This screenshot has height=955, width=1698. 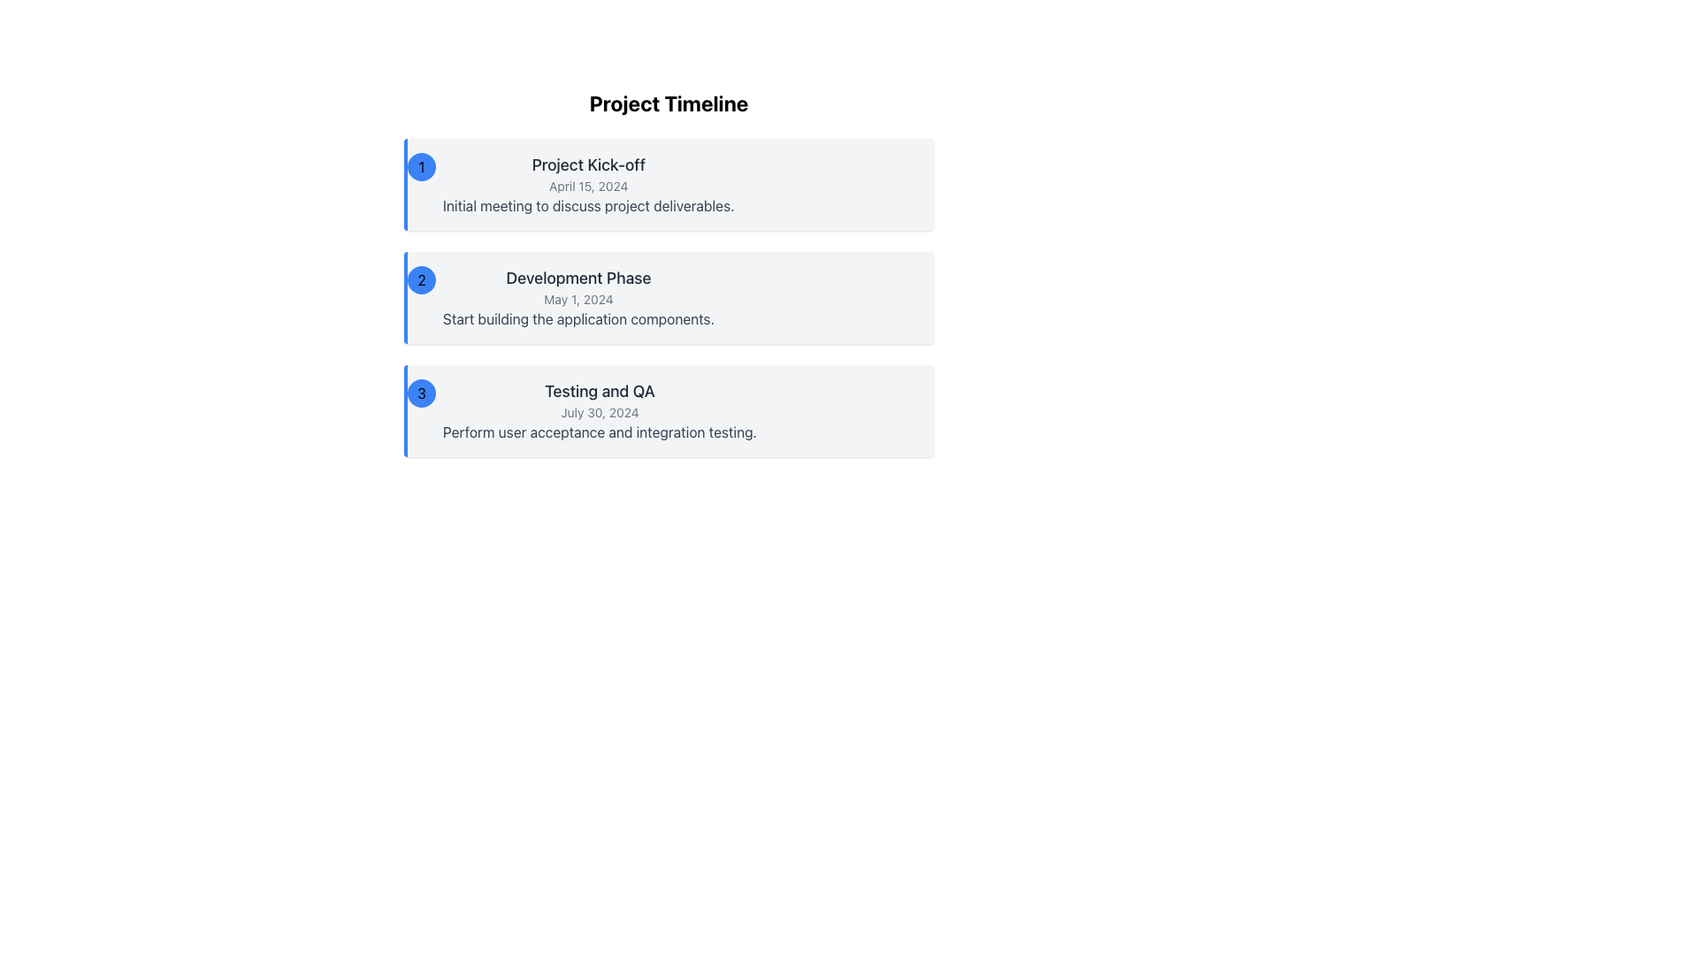 I want to click on the Text label that provides additional details for the 'Testing and QA' timeline entry, which is centrally aligned in the respective timeline box below the date 'July 30, 2024', so click(x=600, y=432).